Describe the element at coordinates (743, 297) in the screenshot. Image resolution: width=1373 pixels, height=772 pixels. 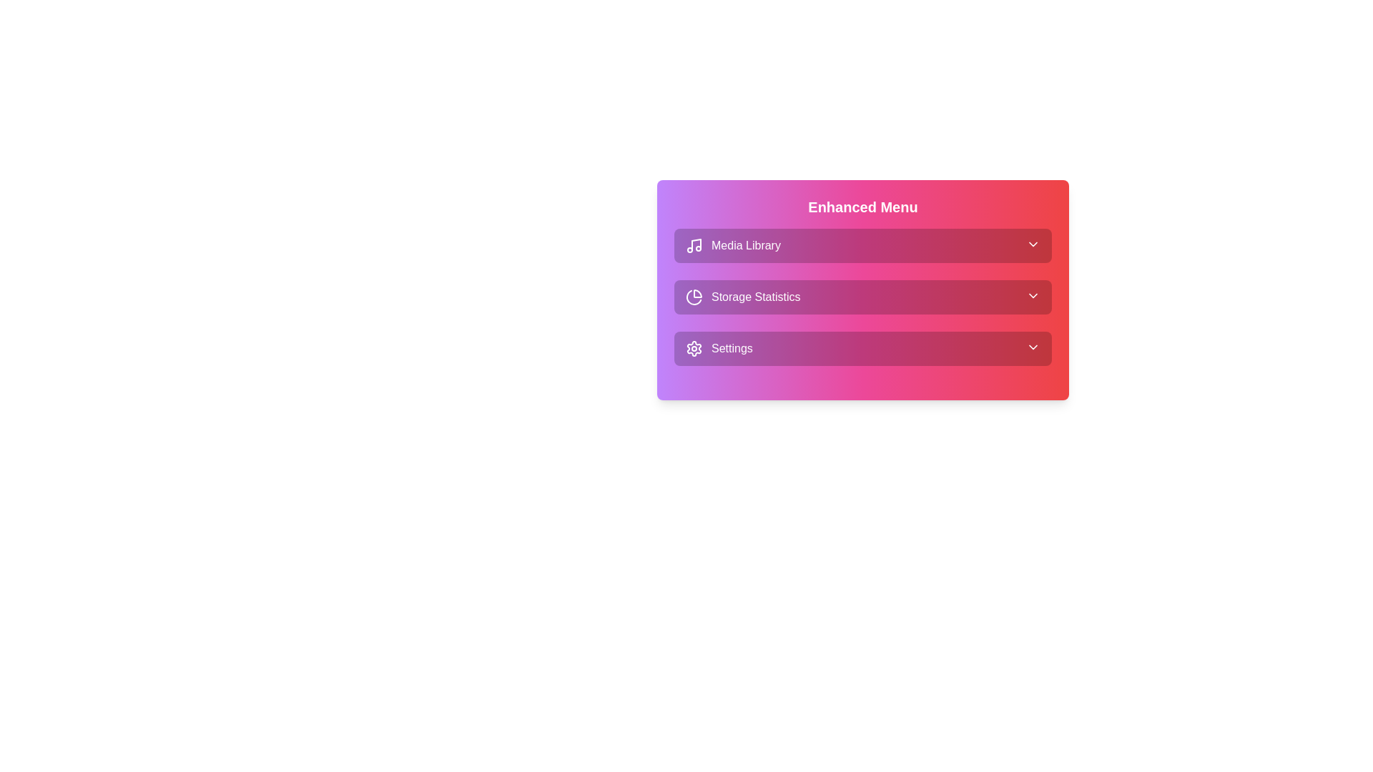
I see `the menu item for storage statistics, located in the second row of the enhanced menu panel, positioned between 'Media Library' and 'Settings'` at that location.